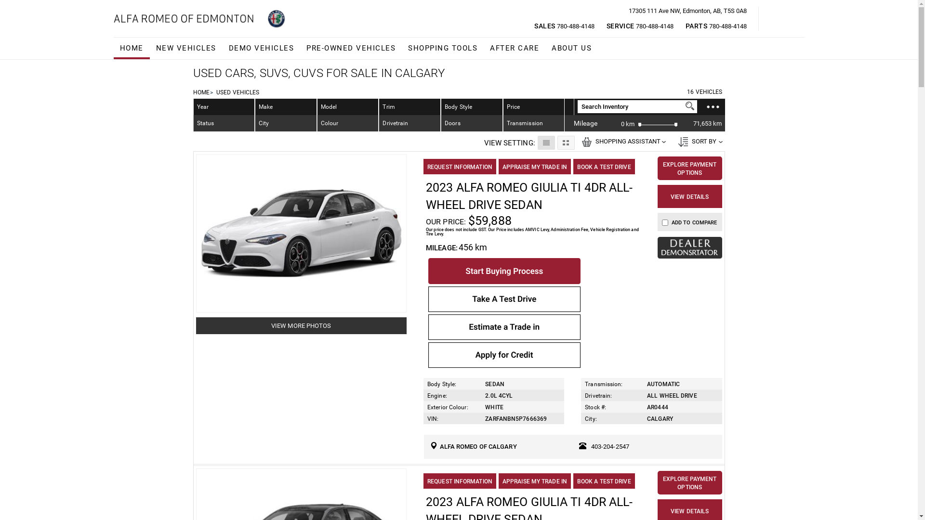 The height and width of the screenshot is (520, 925). What do you see at coordinates (689, 105) in the screenshot?
I see `'Search'` at bounding box center [689, 105].